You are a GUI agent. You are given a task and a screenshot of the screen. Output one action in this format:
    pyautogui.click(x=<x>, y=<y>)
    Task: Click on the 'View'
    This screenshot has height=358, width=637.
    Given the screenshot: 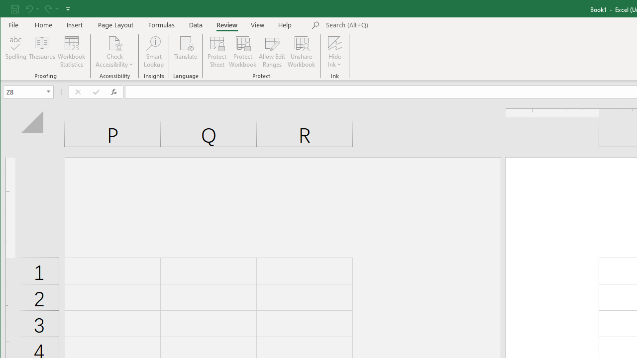 What is the action you would take?
    pyautogui.click(x=258, y=24)
    